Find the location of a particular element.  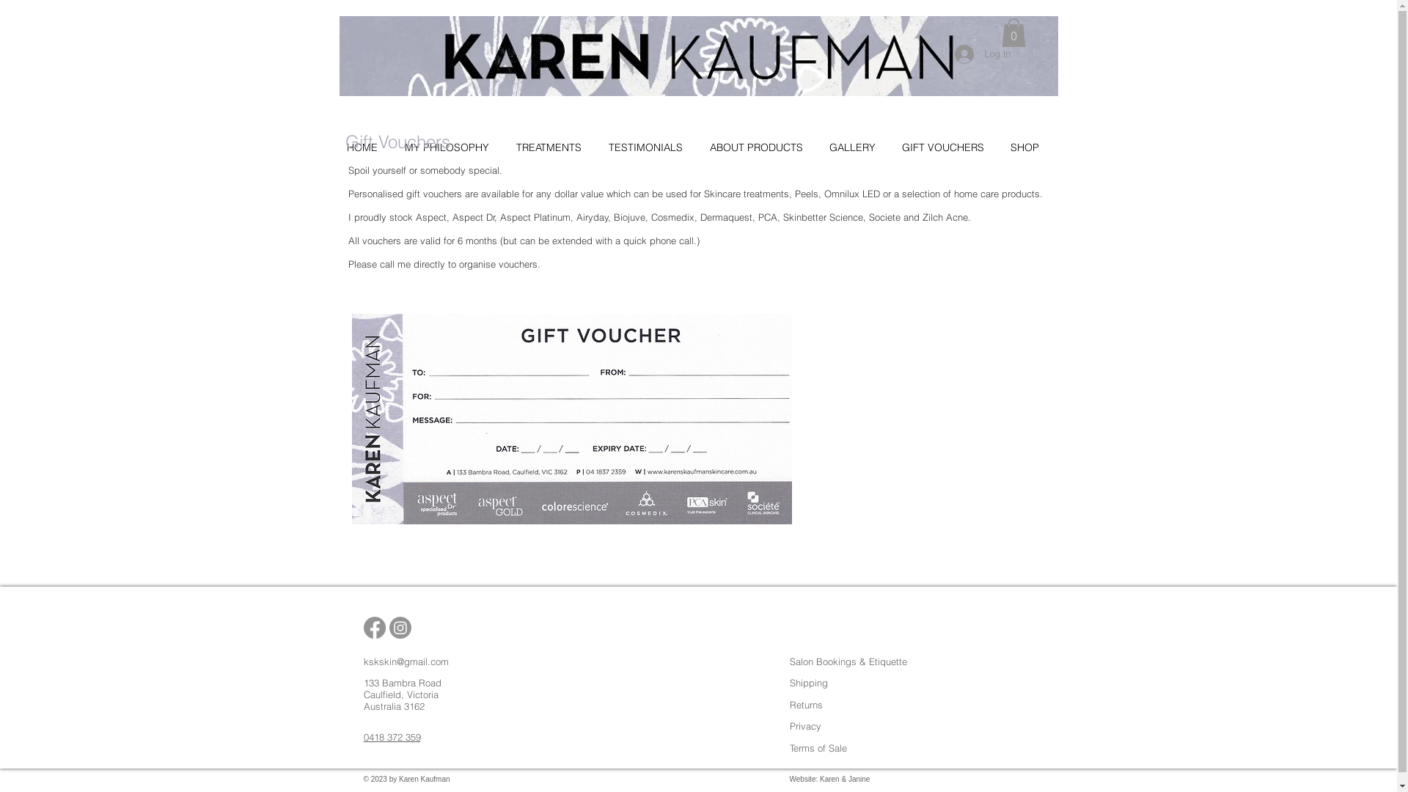

'Shipping' is located at coordinates (807, 682).